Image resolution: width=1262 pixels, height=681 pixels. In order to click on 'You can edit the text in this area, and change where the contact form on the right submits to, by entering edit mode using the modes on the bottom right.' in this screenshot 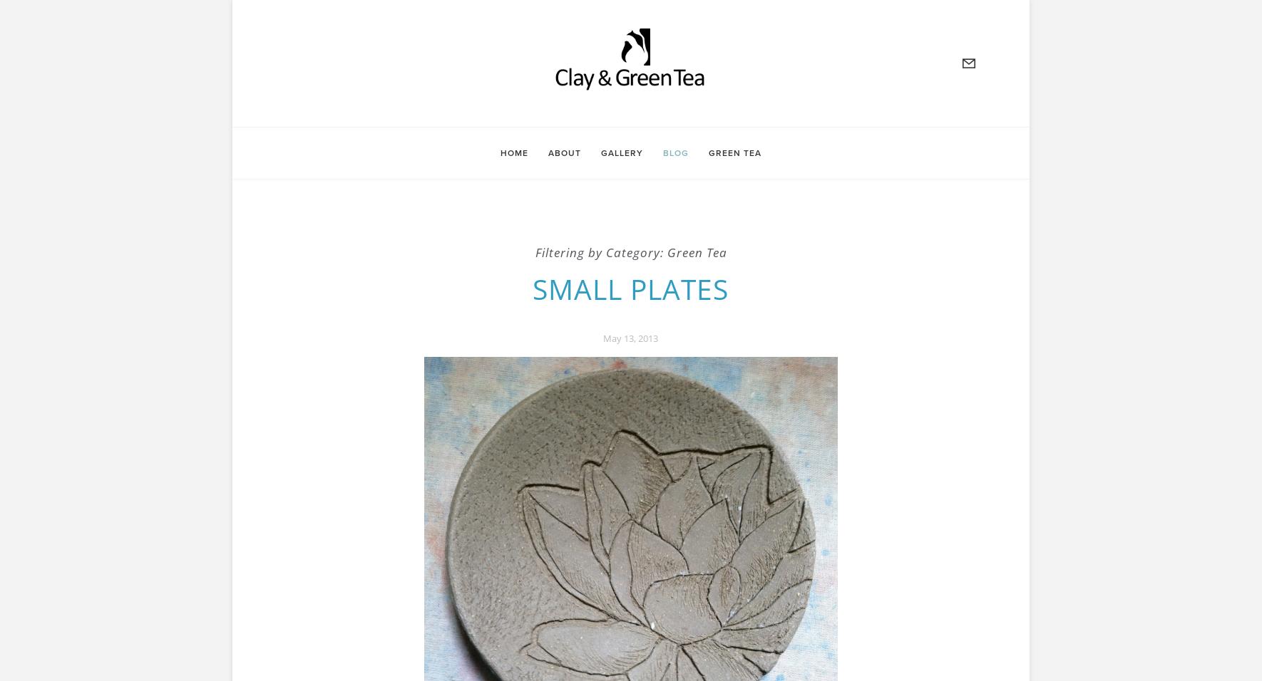, I will do `click(285, 210)`.